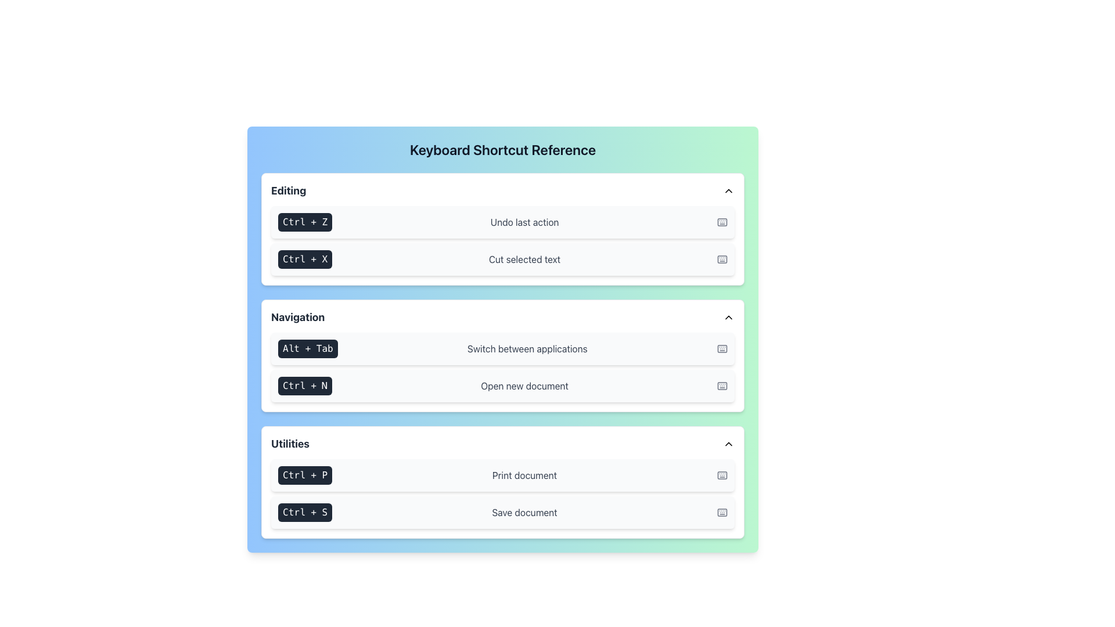  I want to click on the 'Print document' text label located in the 'Utilities' section of the interface, so click(524, 475).